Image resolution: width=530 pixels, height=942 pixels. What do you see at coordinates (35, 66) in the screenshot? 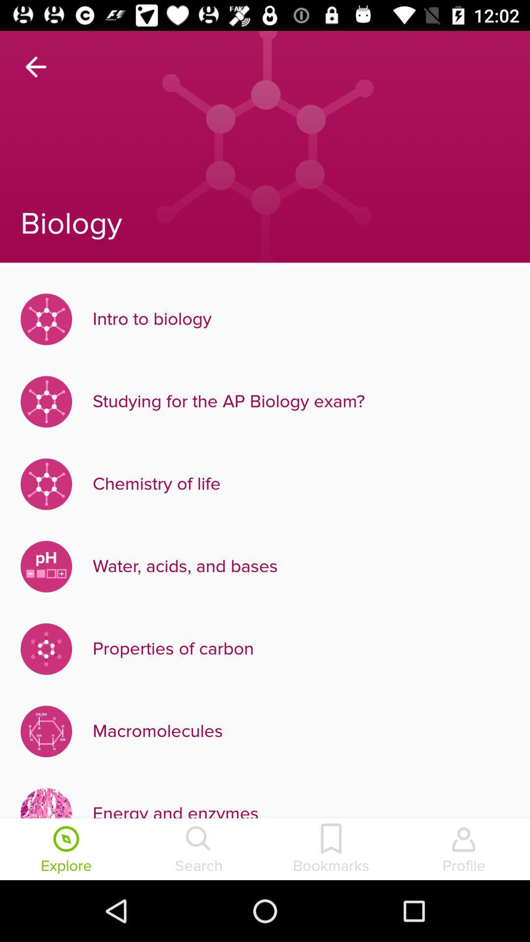
I see `item above biology icon` at bounding box center [35, 66].